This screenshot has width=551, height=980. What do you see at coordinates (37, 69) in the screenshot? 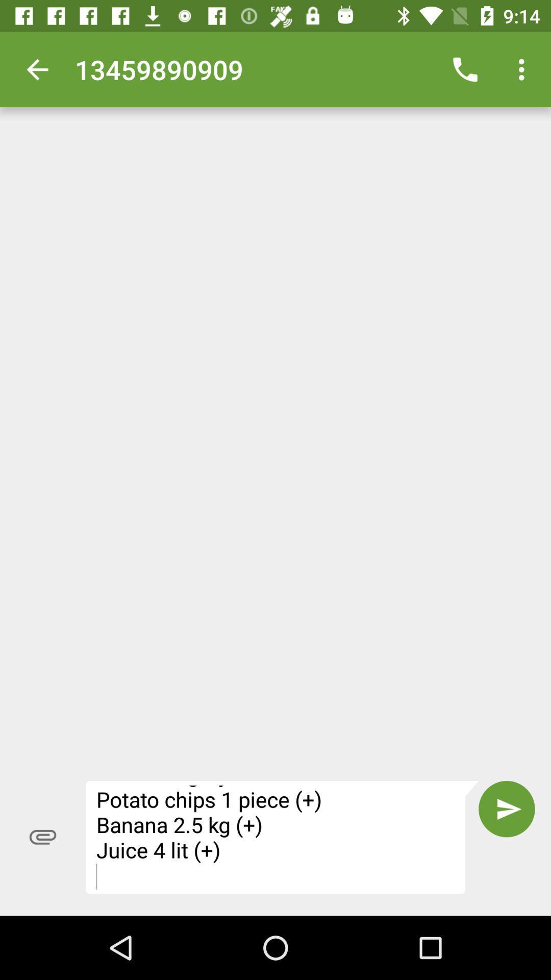
I see `the icon next to the 13459890909 icon` at bounding box center [37, 69].